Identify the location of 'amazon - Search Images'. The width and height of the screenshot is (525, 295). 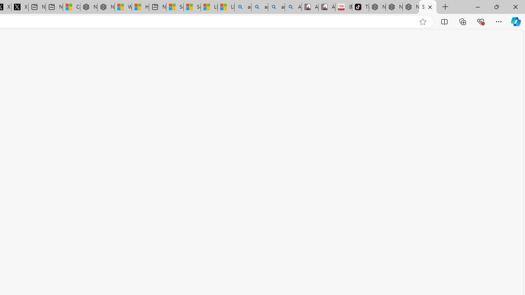
(276, 7).